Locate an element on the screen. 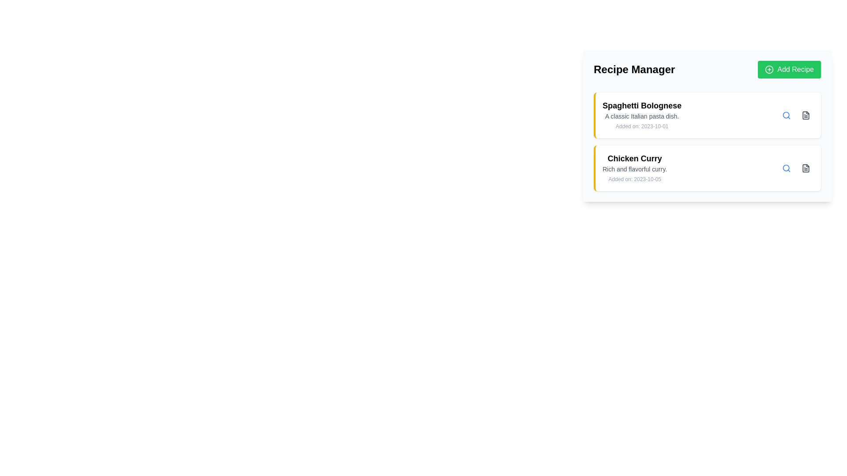 The width and height of the screenshot is (847, 476). the circular graphic icon element that is part of the 'Add Recipe' button in the top-right section of the interface is located at coordinates (769, 69).